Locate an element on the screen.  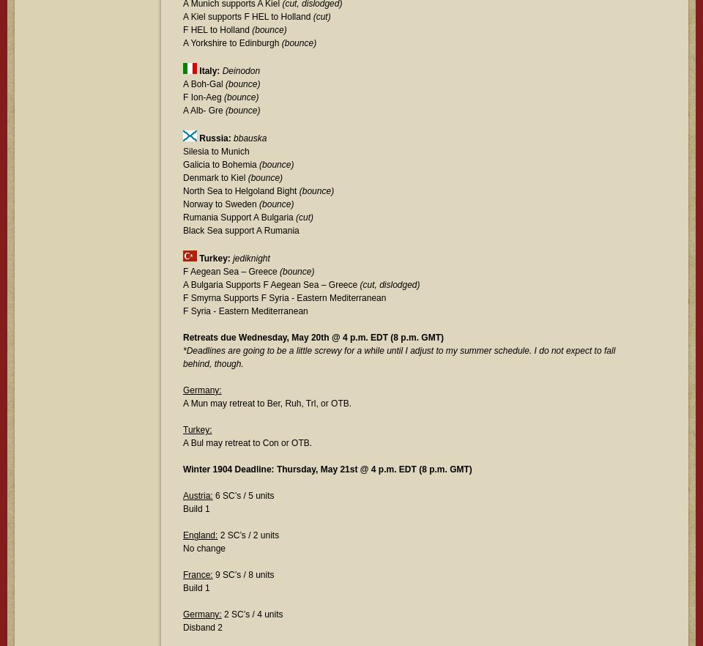
'England:' is located at coordinates (199, 535).